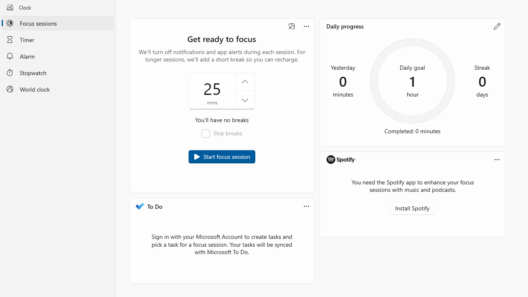  Describe the element at coordinates (57, 23) in the screenshot. I see `'Focus sessions'` at that location.